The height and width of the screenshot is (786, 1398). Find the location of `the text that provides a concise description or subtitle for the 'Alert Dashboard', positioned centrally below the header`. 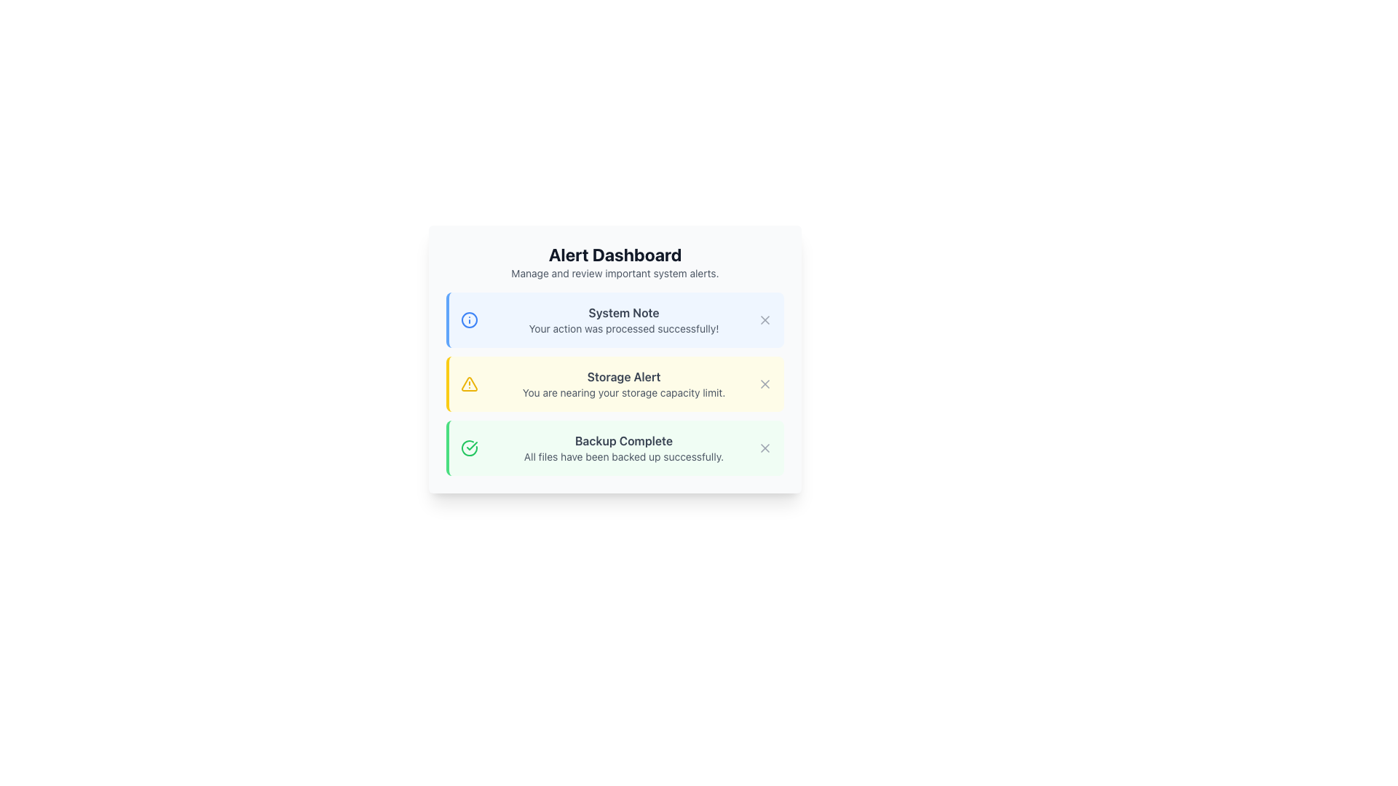

the text that provides a concise description or subtitle for the 'Alert Dashboard', positioned centrally below the header is located at coordinates (615, 273).